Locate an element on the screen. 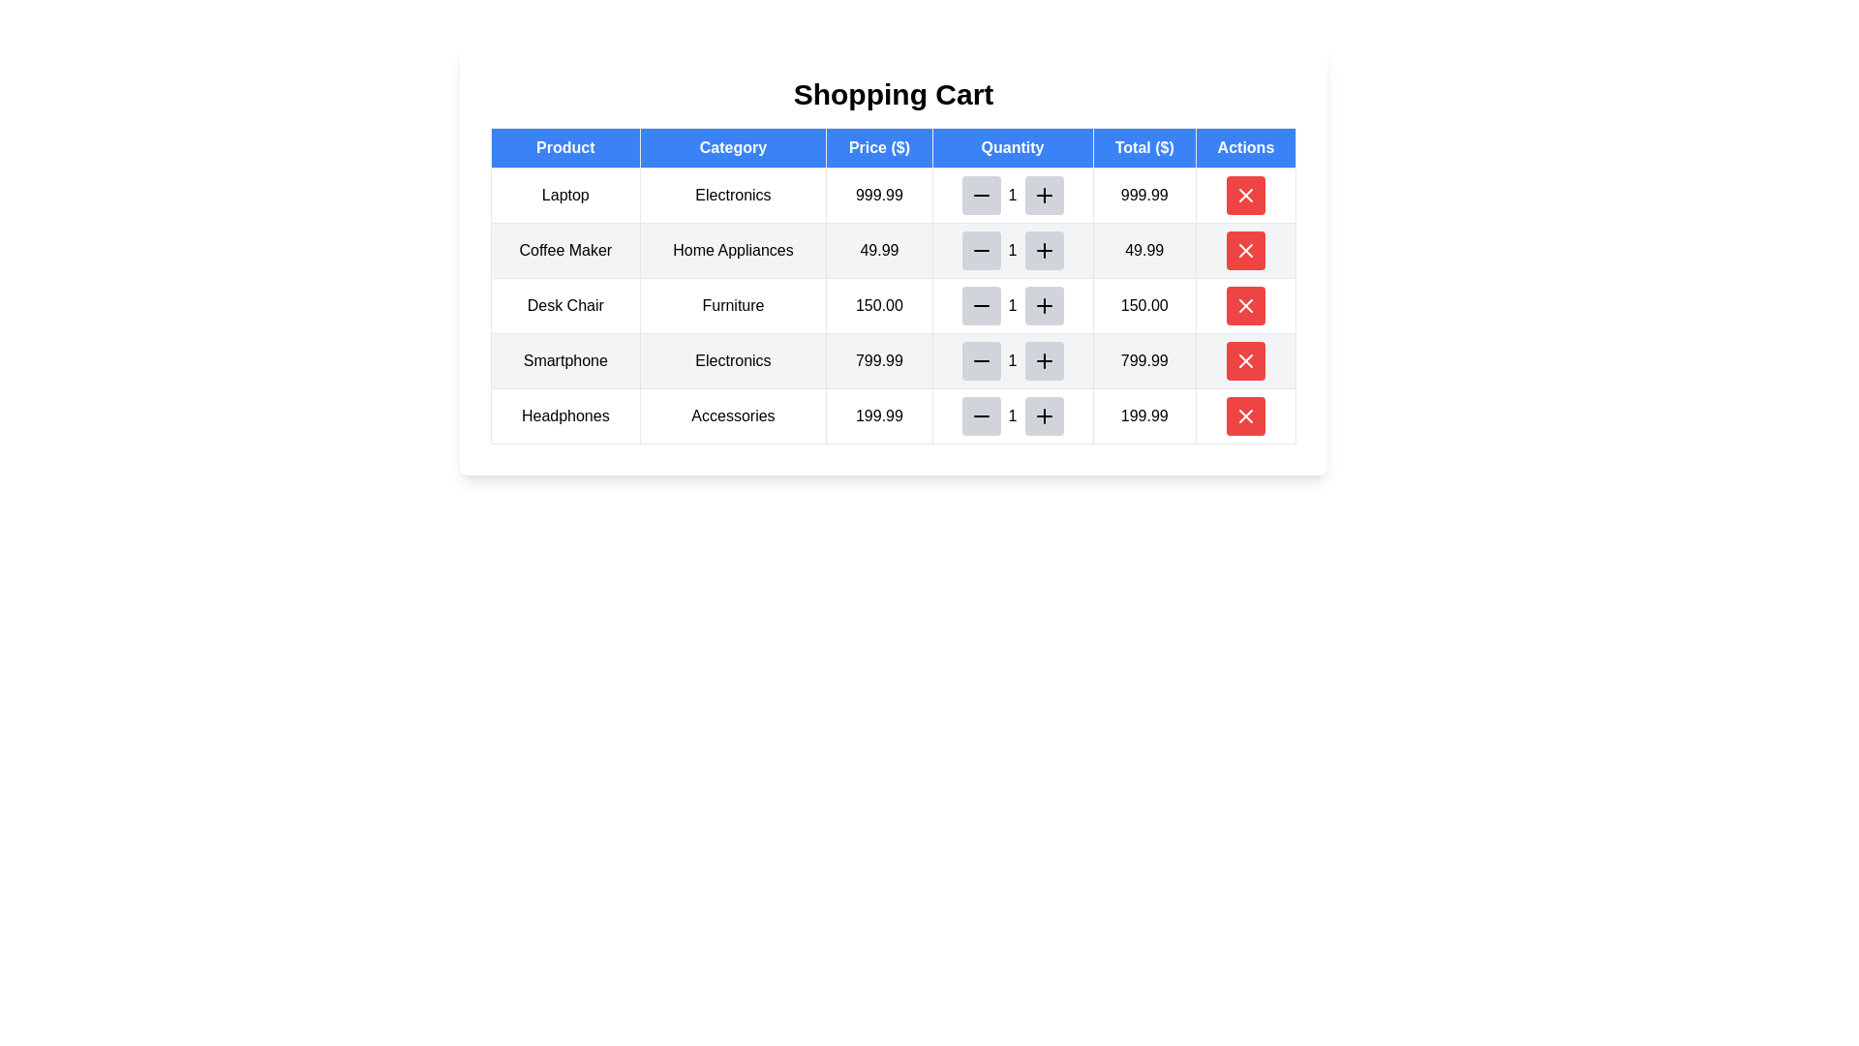 This screenshot has height=1046, width=1859. the vivid red square button with a white 'X' icon located in the 'Coffee Maker' row under the 'Actions' column is located at coordinates (1245, 249).